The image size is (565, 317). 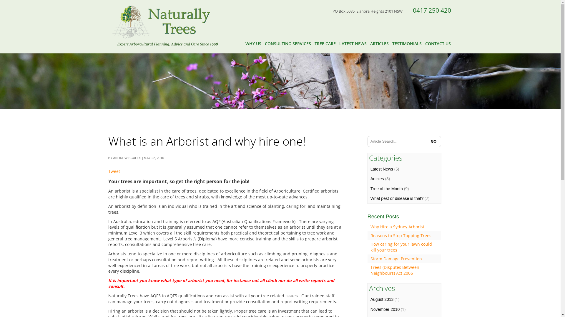 What do you see at coordinates (382, 299) in the screenshot?
I see `'August 2013'` at bounding box center [382, 299].